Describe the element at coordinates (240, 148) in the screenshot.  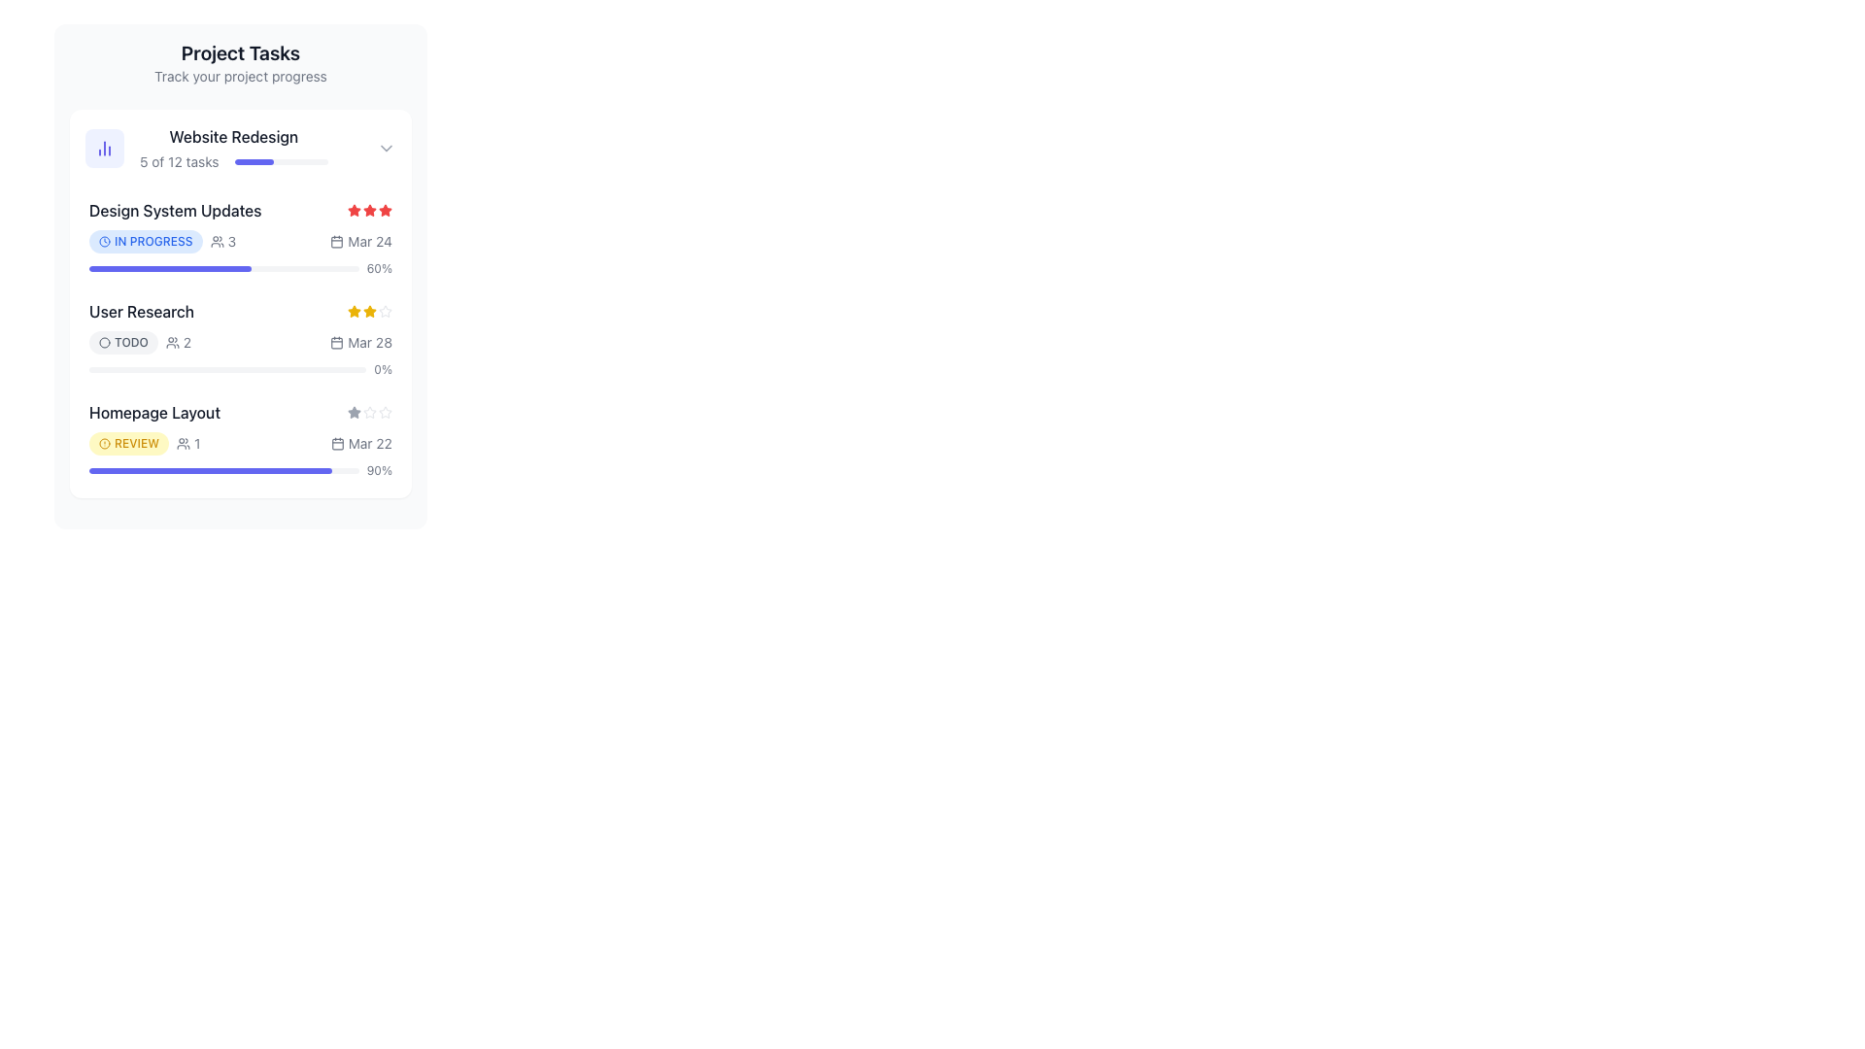
I see `the Task summary component with the title 'Website Redesign'` at that location.